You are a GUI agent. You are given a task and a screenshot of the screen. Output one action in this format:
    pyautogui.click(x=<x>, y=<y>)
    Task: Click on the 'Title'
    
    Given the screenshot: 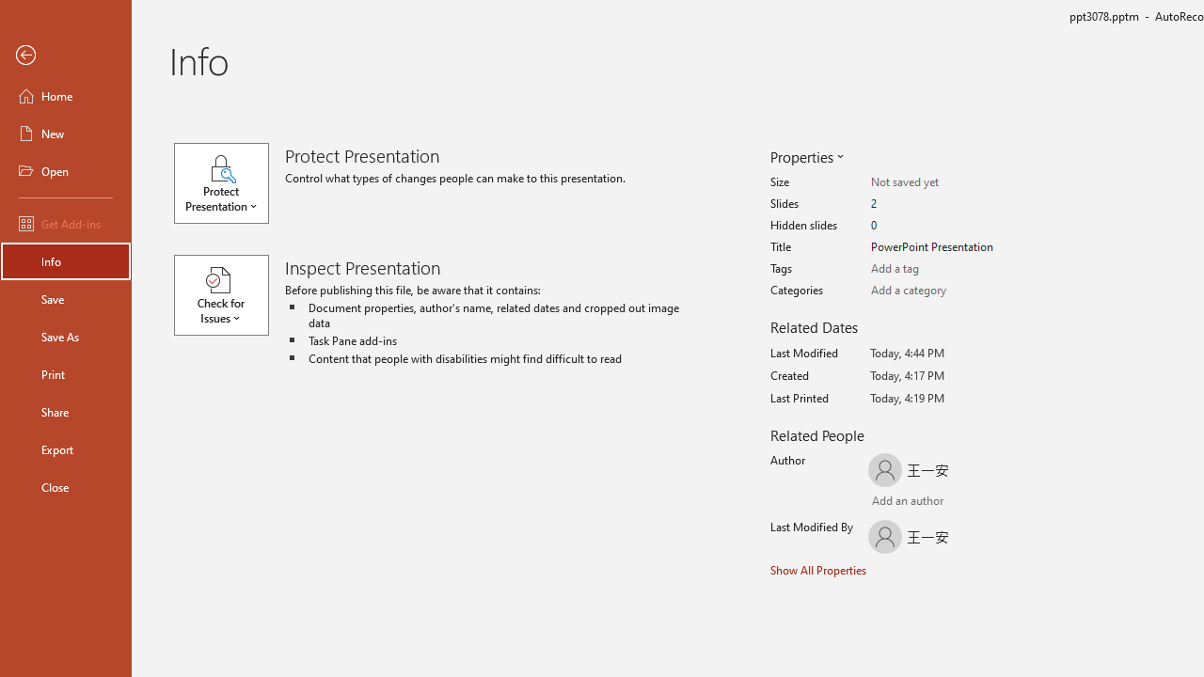 What is the action you would take?
    pyautogui.click(x=944, y=246)
    